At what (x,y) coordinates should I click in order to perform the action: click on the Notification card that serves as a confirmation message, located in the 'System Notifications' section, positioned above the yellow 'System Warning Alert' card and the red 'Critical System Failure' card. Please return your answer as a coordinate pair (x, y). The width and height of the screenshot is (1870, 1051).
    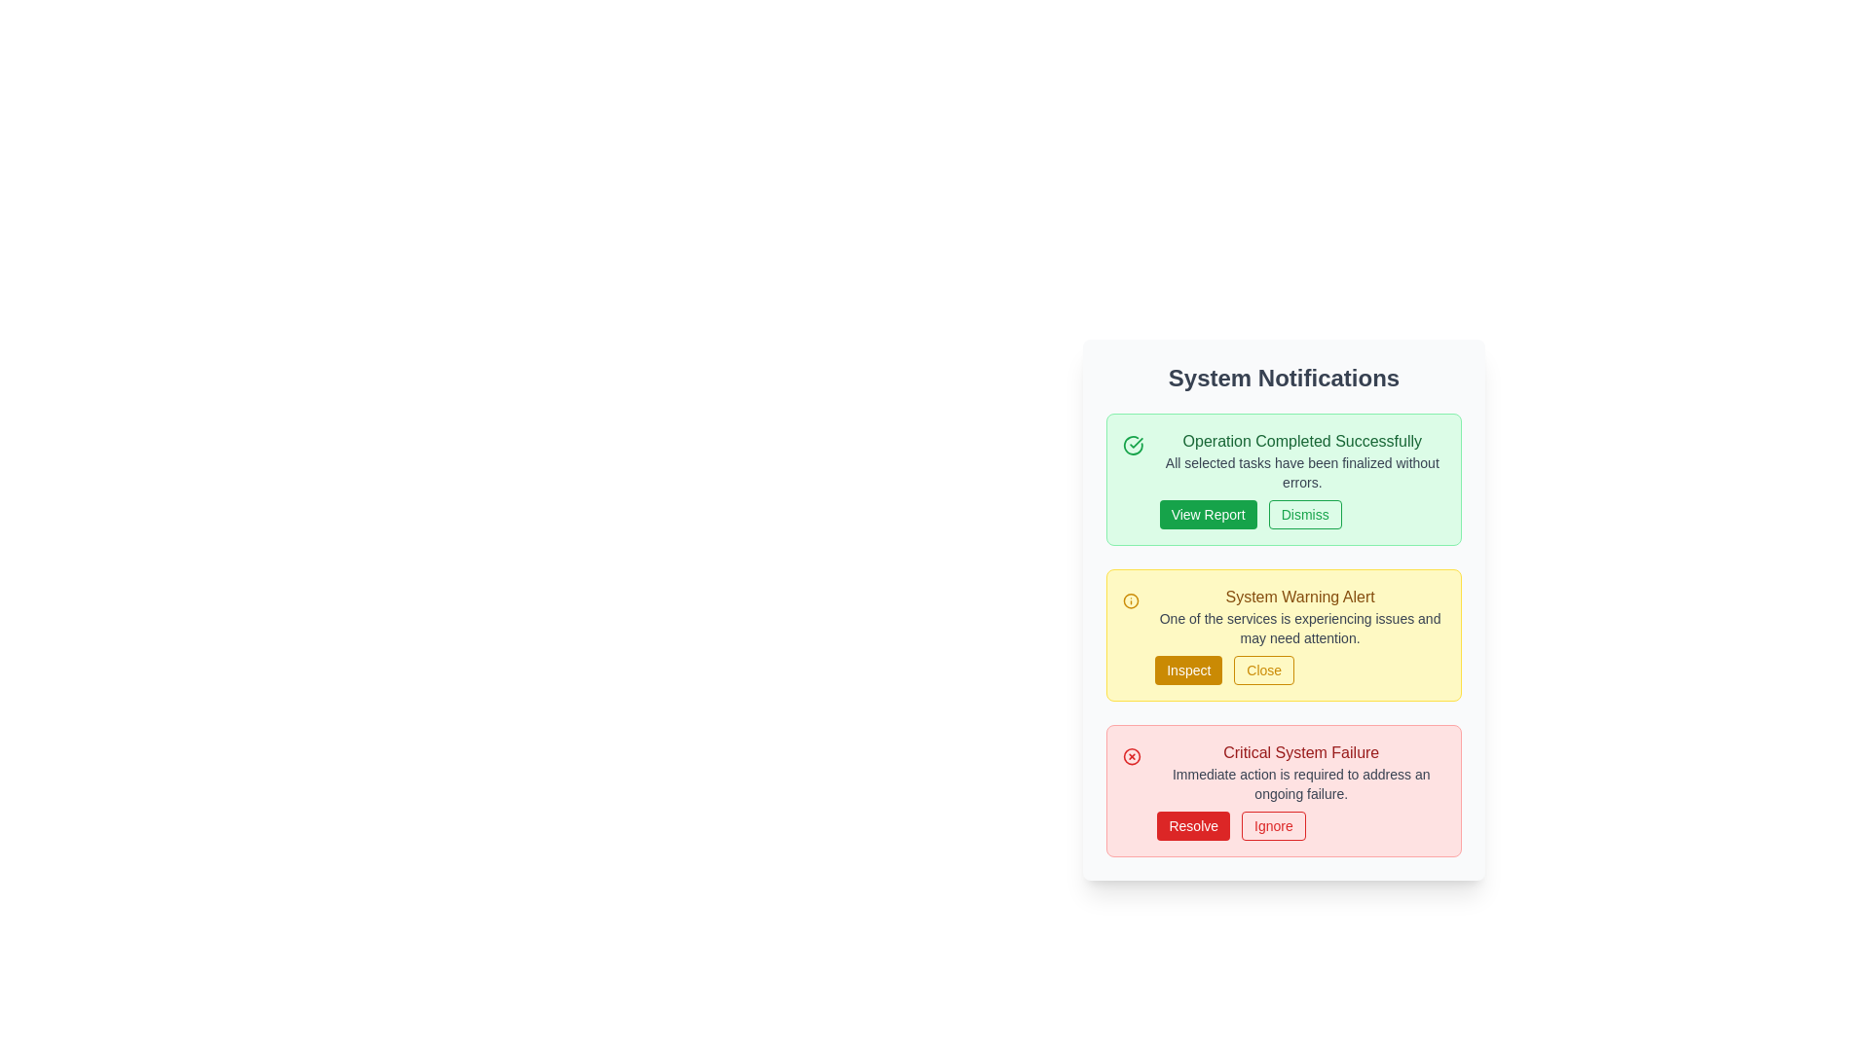
    Looking at the image, I should click on (1284, 480).